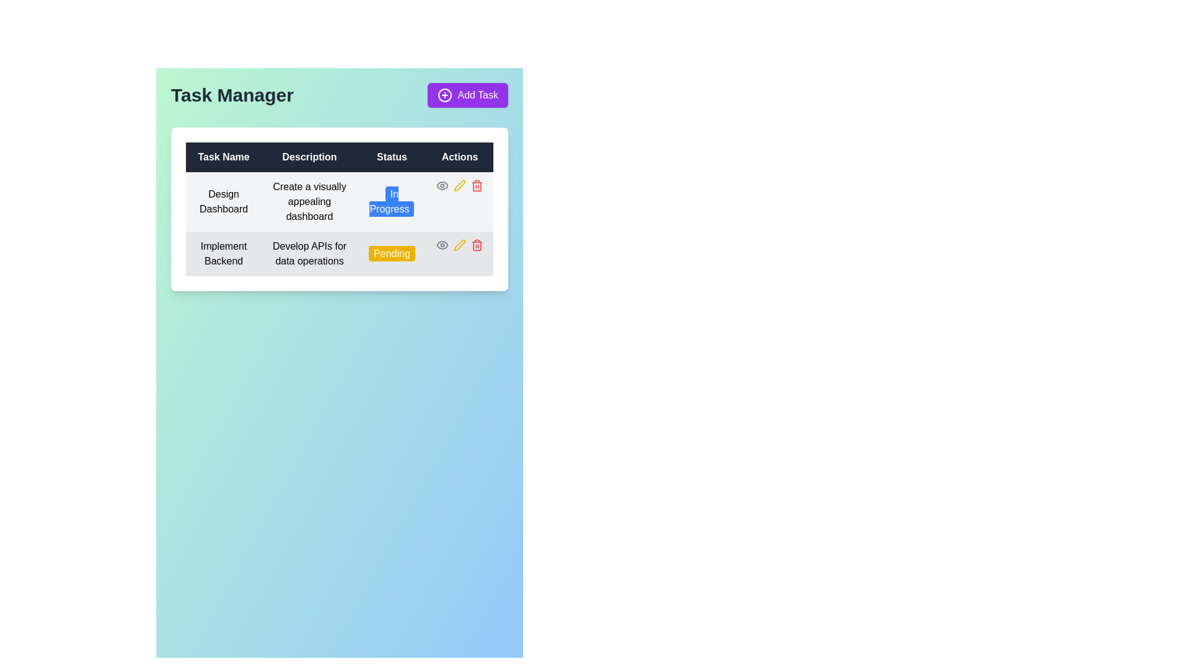 The height and width of the screenshot is (669, 1190). What do you see at coordinates (459, 186) in the screenshot?
I see `the gray eye icon in the action bar` at bounding box center [459, 186].